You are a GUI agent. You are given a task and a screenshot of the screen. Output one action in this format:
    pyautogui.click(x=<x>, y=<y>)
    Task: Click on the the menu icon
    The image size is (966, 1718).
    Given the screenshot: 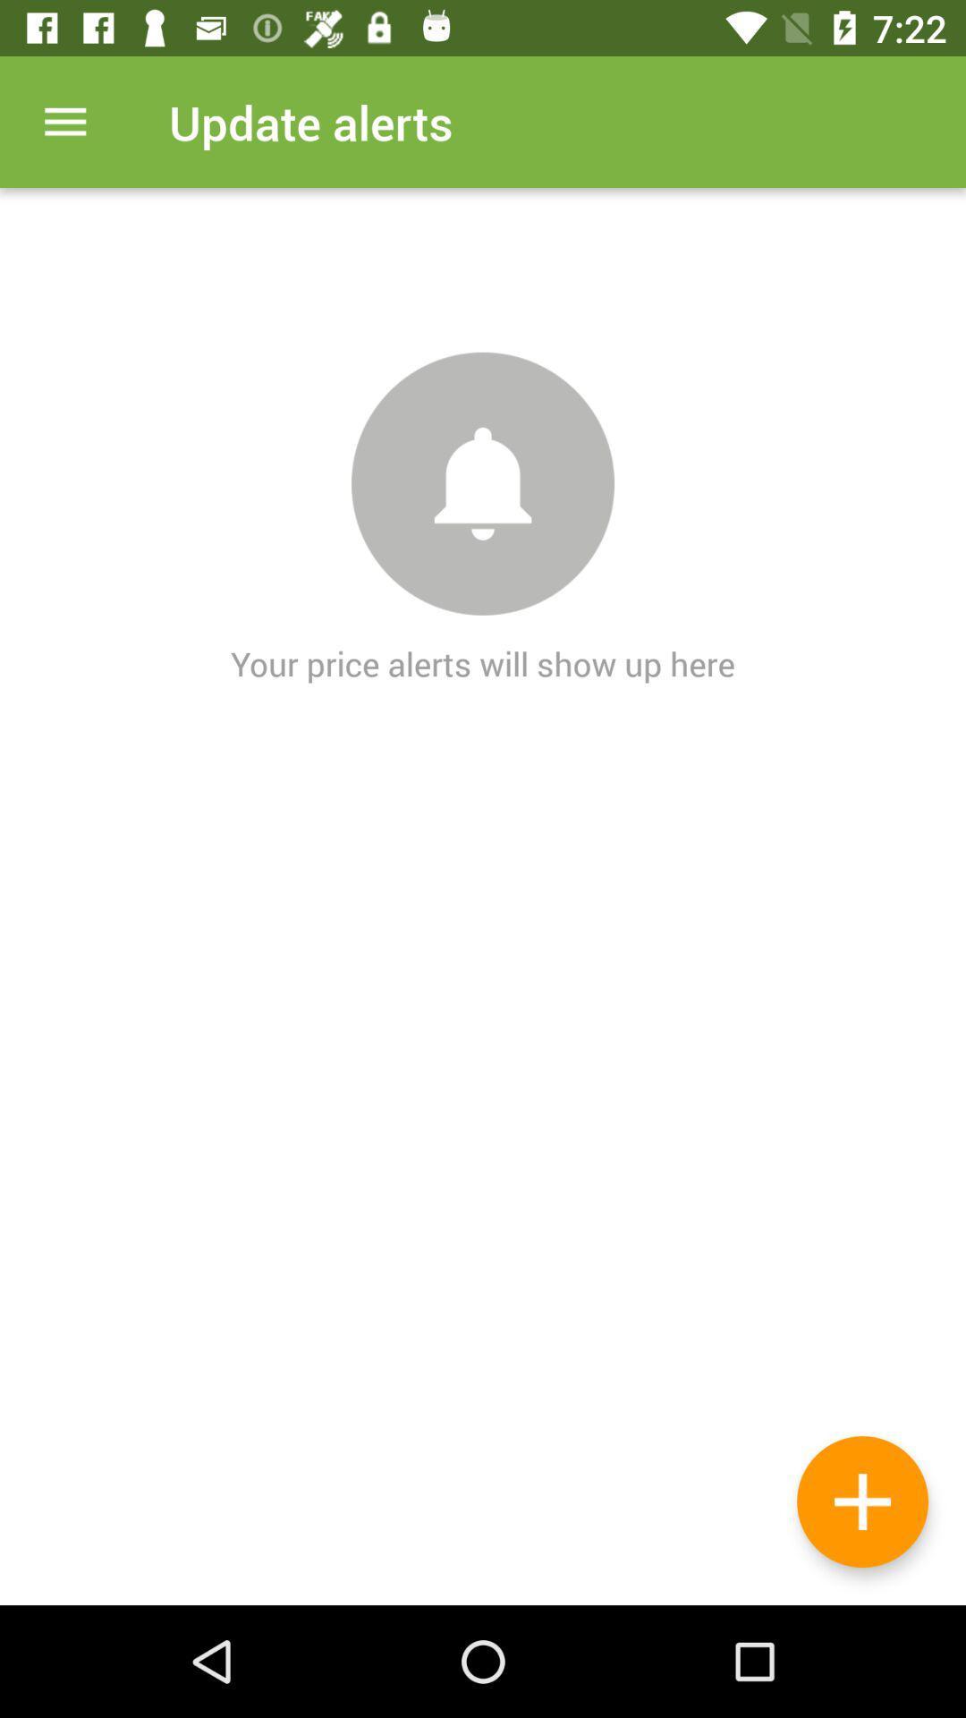 What is the action you would take?
    pyautogui.click(x=64, y=121)
    